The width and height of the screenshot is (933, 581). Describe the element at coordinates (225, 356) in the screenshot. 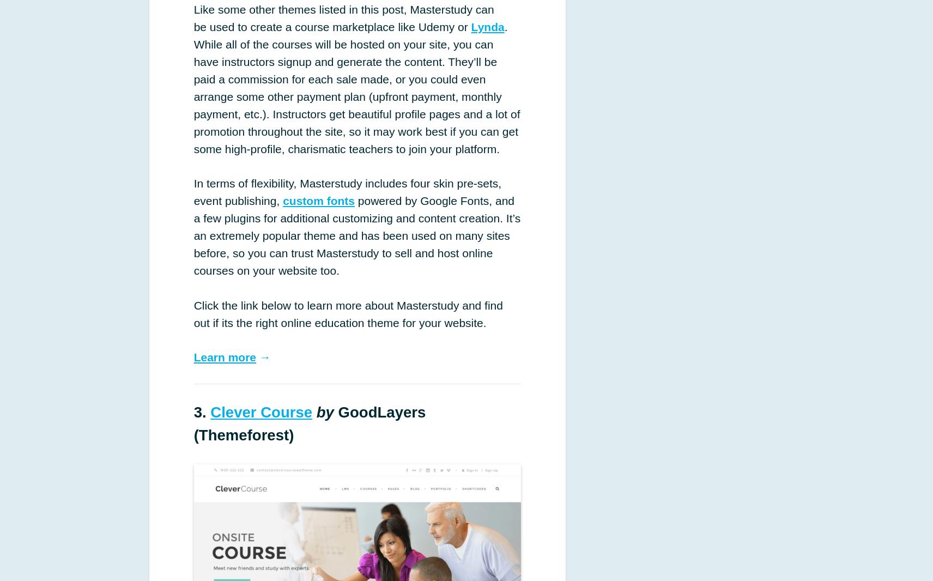

I see `'Learn more'` at that location.